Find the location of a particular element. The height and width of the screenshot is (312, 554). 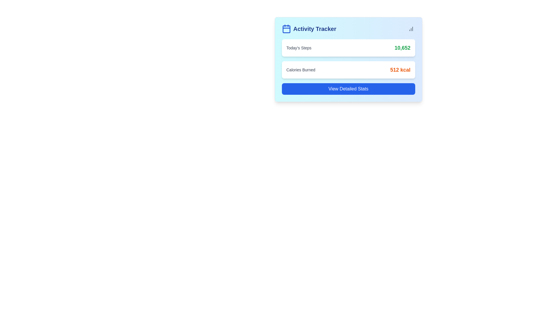

the bar chart icon button located in the upper-right corner of the activity tracker card, which symbolizes access to detailed statistical data is located at coordinates (411, 29).